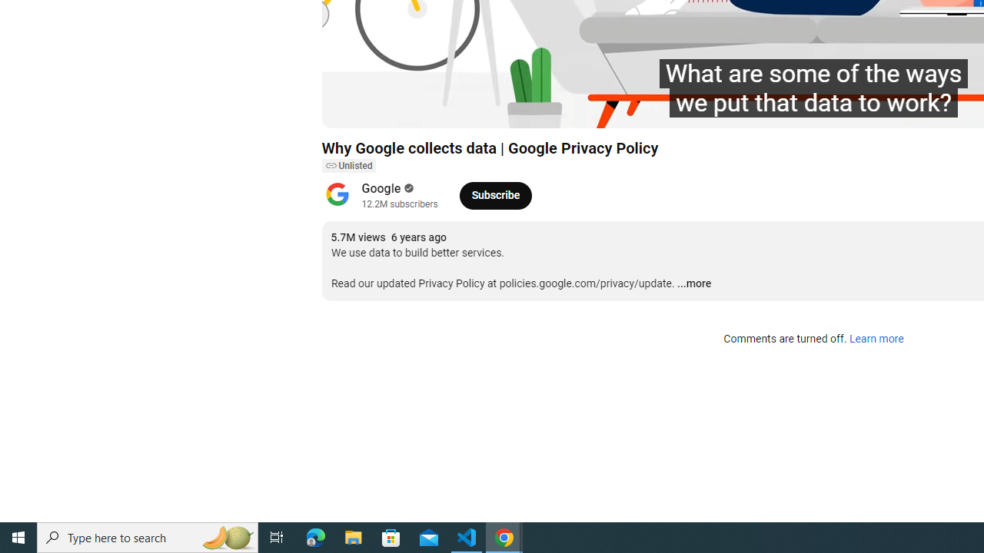  Describe the element at coordinates (495, 194) in the screenshot. I see `'Subscribe to Google.'` at that location.